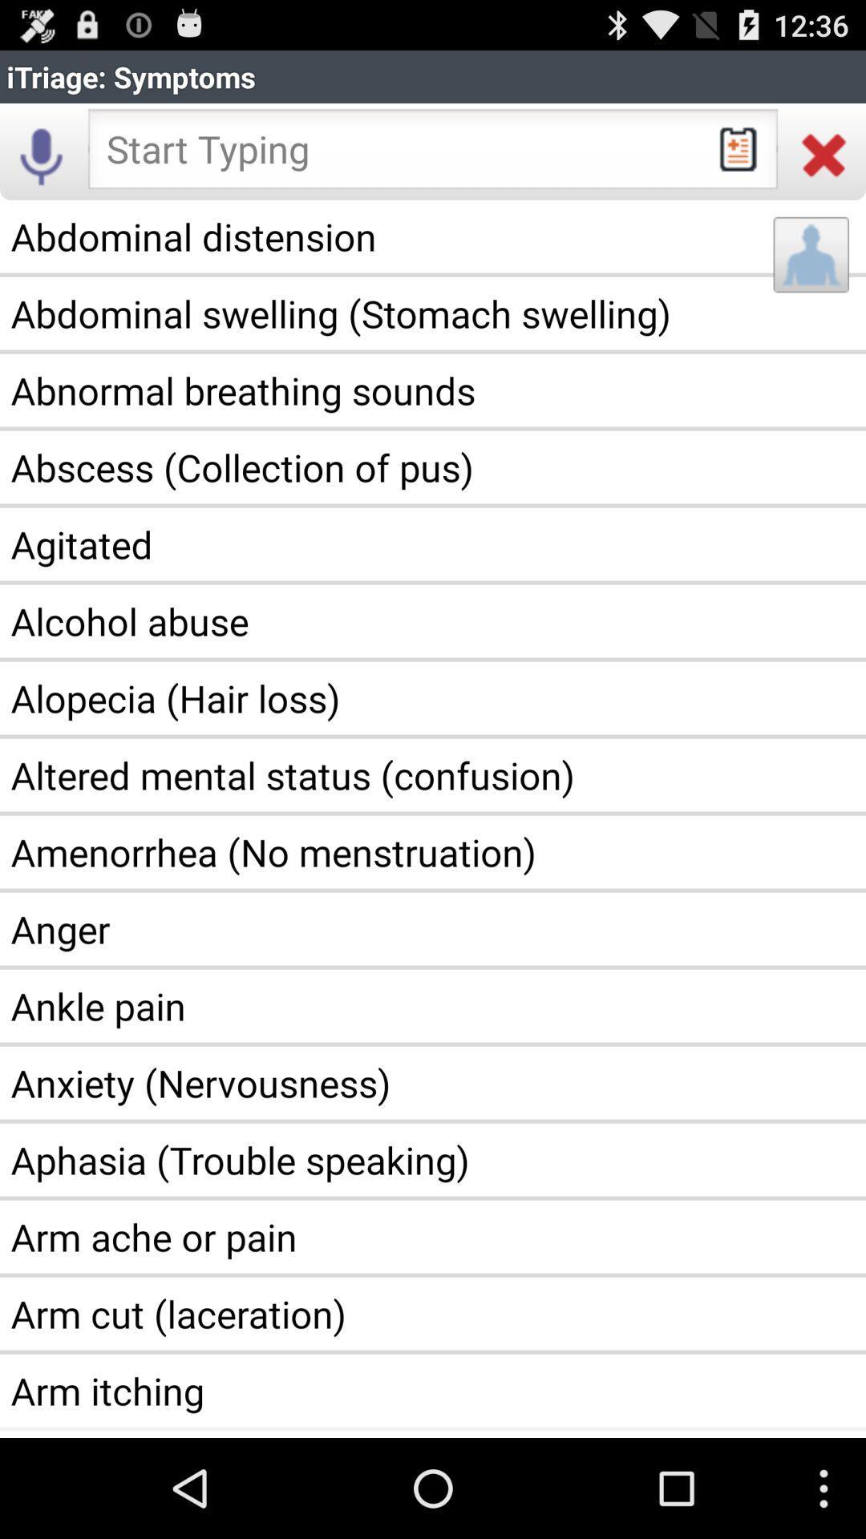  Describe the element at coordinates (824, 154) in the screenshot. I see `icon below itriage: symptoms item` at that location.